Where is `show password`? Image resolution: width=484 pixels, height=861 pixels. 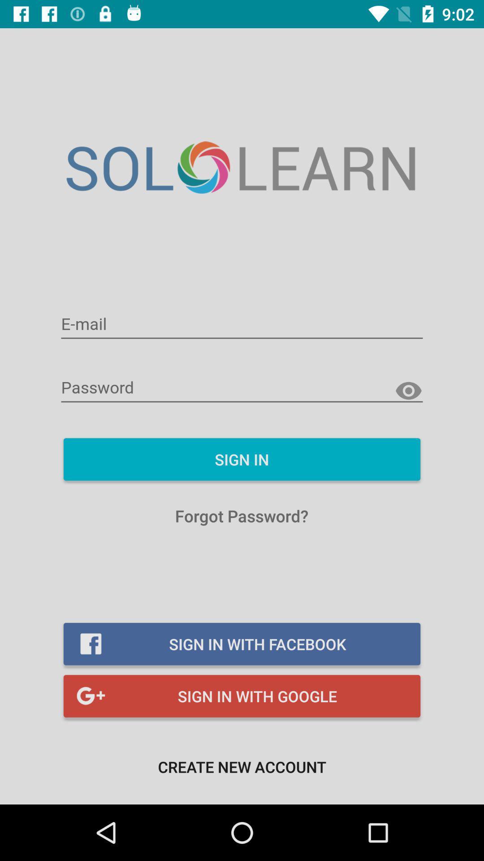
show password is located at coordinates (408, 391).